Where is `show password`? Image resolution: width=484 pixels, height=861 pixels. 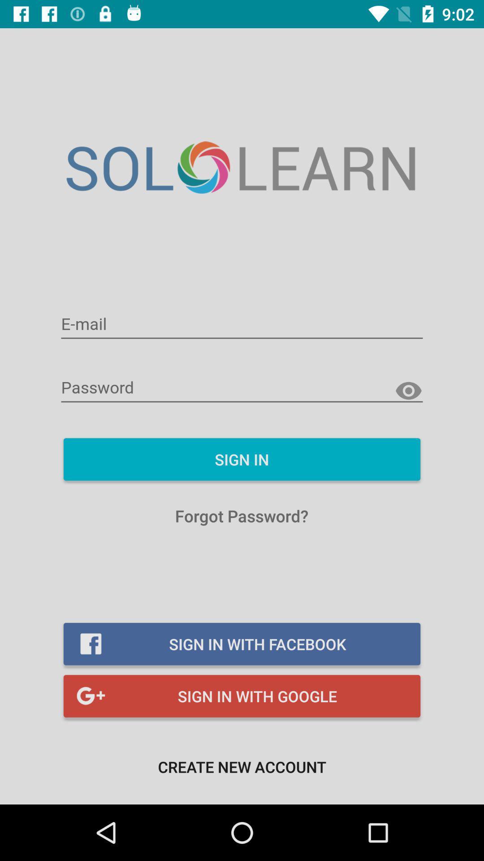
show password is located at coordinates (408, 391).